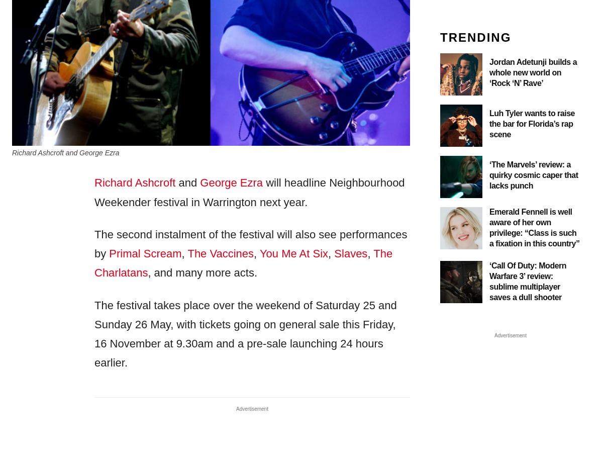  What do you see at coordinates (533, 174) in the screenshot?
I see `'‘The Marvels’ review: a quirky cosmic caper that lacks punch'` at bounding box center [533, 174].